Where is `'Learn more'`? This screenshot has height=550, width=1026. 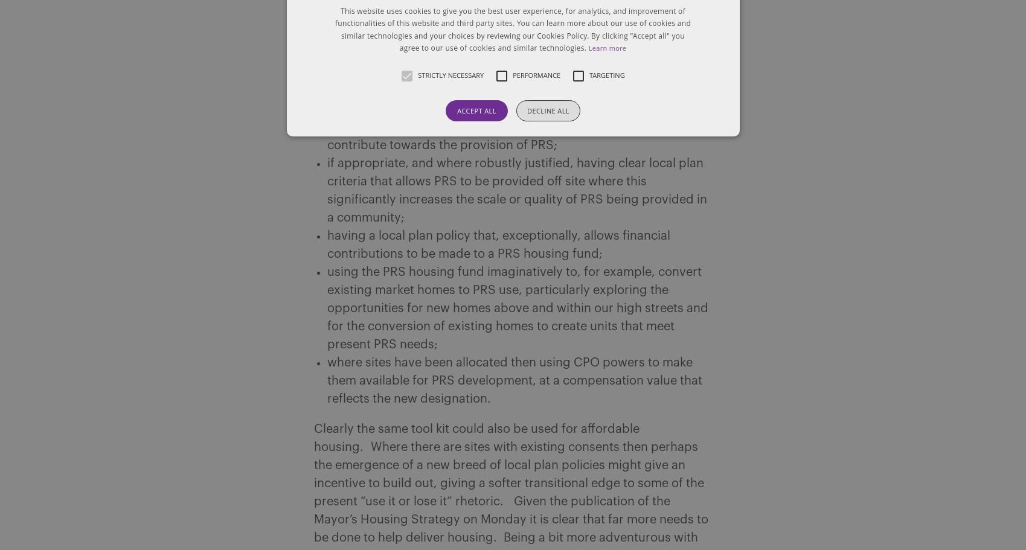
'Learn more' is located at coordinates (607, 48).